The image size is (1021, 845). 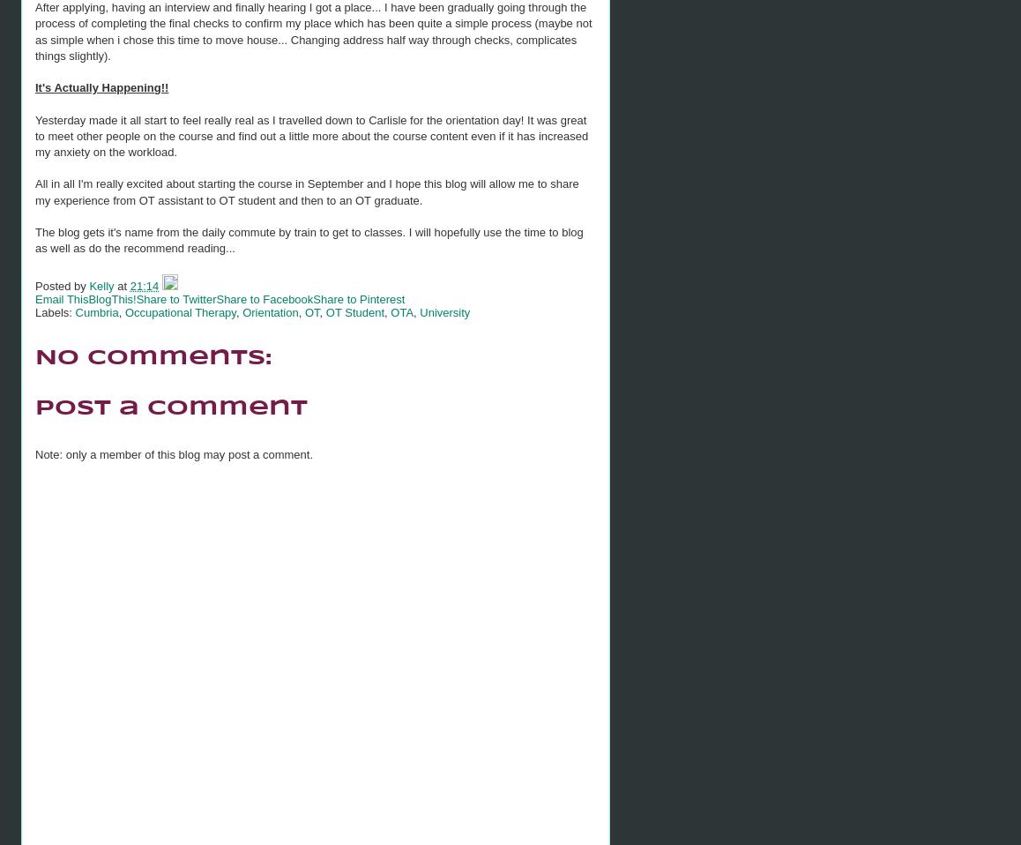 I want to click on 'It's Actually Happening!!', so click(x=101, y=87).